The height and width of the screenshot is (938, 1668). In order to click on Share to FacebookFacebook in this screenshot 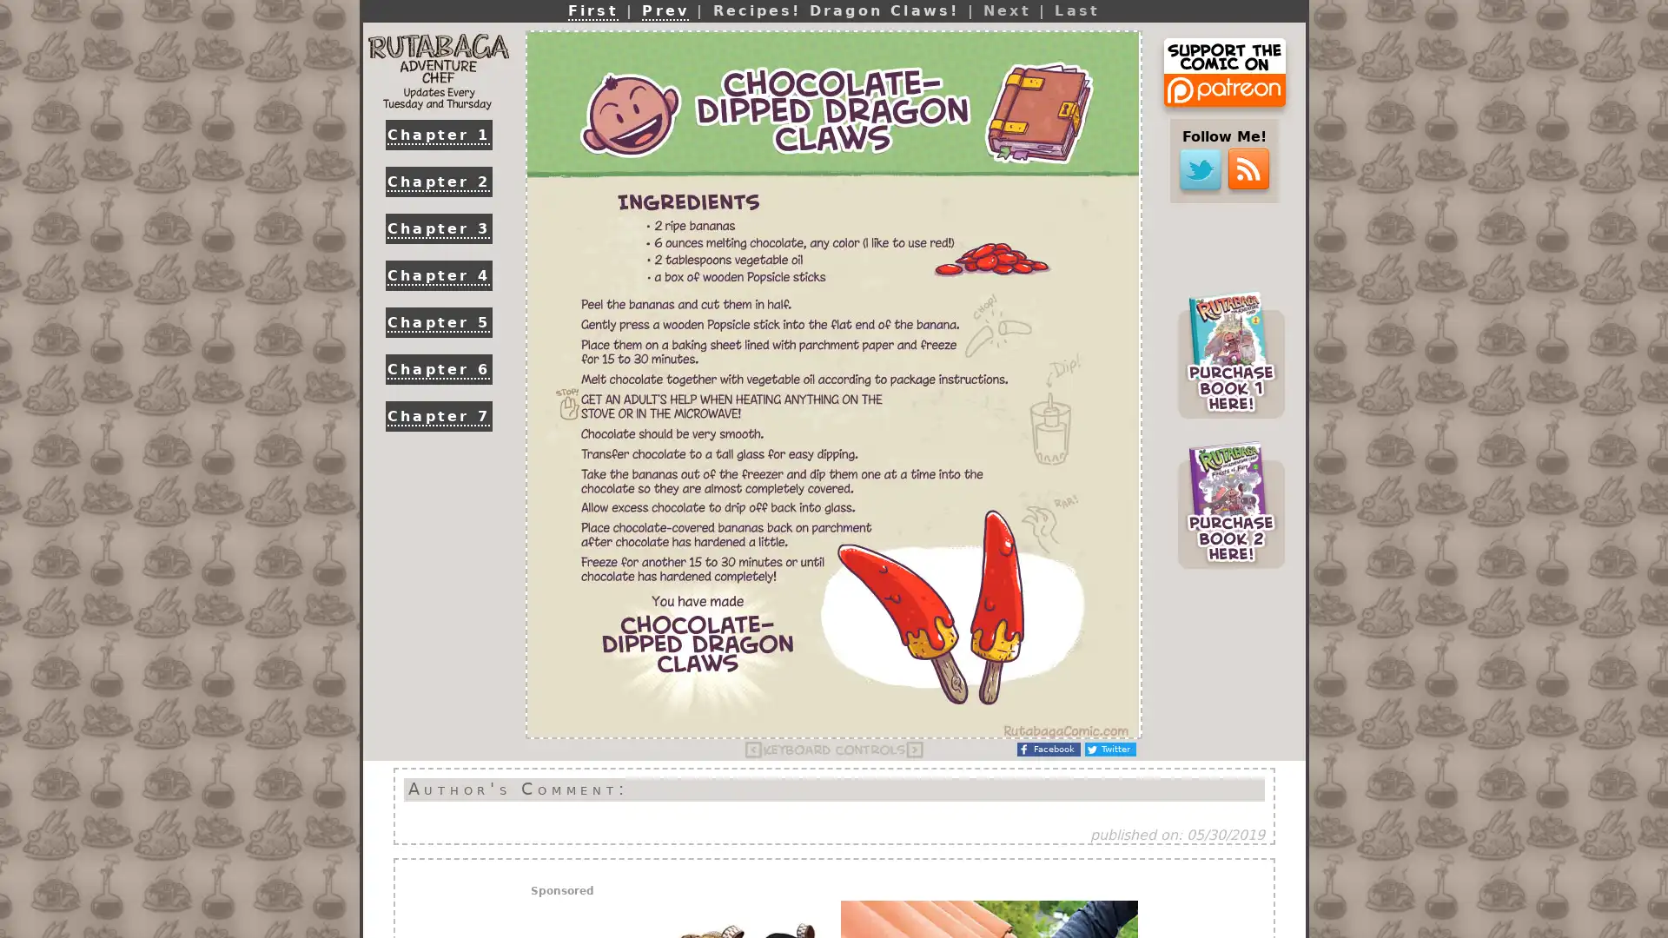, I will do `click(1048, 749)`.